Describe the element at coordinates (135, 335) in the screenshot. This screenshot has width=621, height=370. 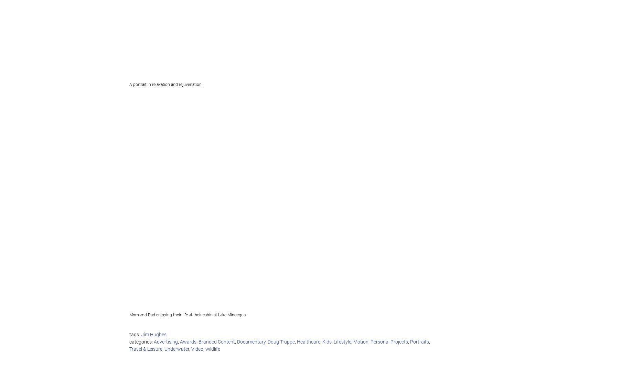
I see `'tags:'` at that location.